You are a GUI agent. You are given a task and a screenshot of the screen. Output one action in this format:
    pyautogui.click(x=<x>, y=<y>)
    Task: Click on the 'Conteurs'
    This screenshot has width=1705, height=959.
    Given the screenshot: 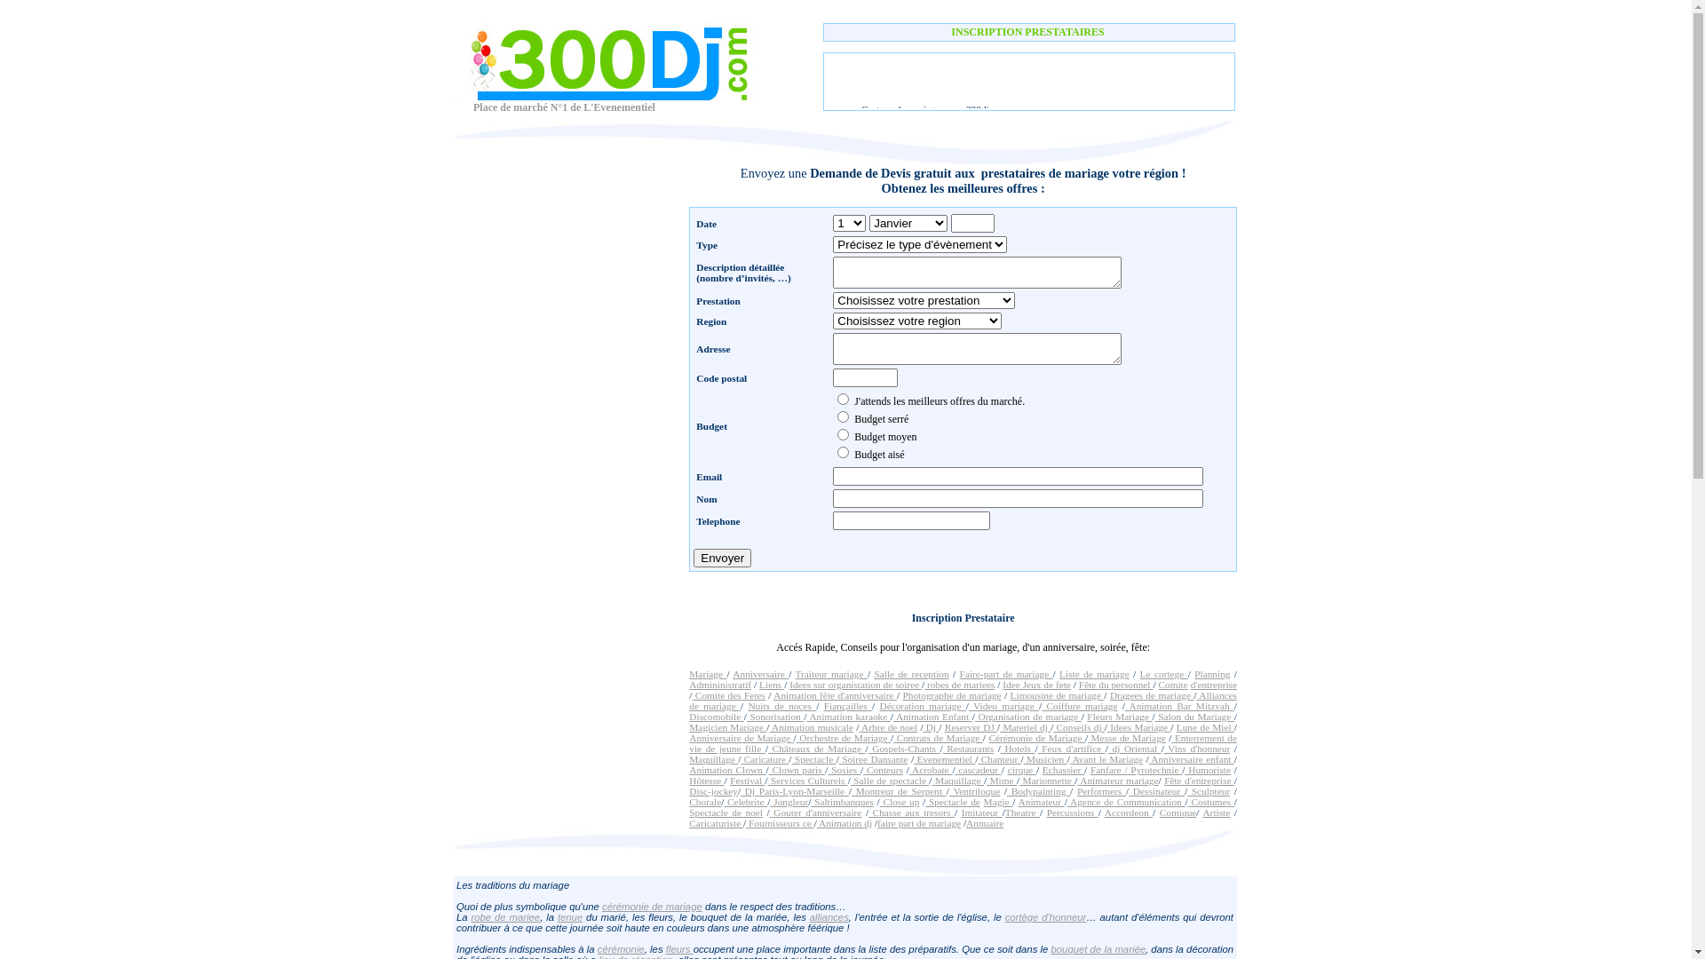 What is the action you would take?
    pyautogui.click(x=862, y=769)
    